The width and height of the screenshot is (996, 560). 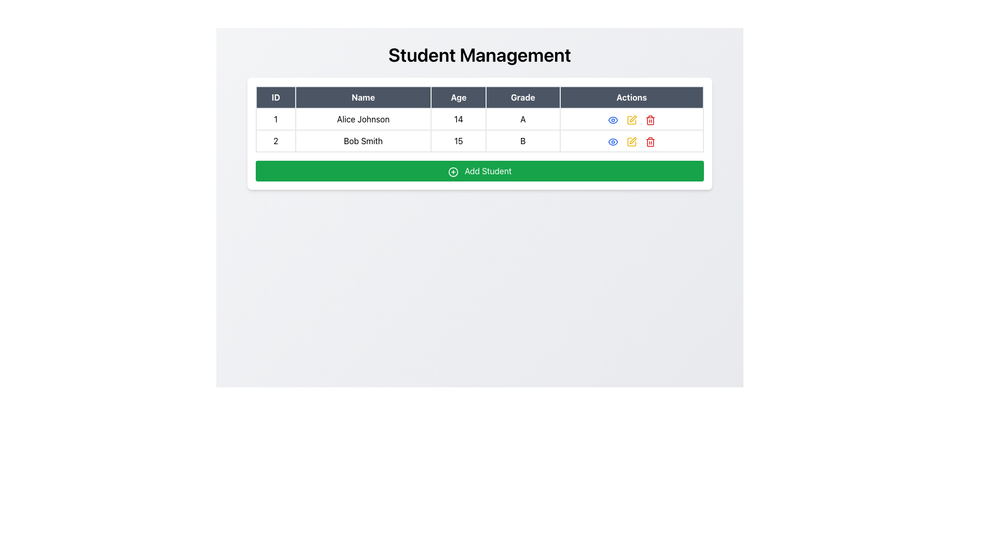 I want to click on the trash bin icon button in the second row of the 'Actions' column, so click(x=649, y=142).